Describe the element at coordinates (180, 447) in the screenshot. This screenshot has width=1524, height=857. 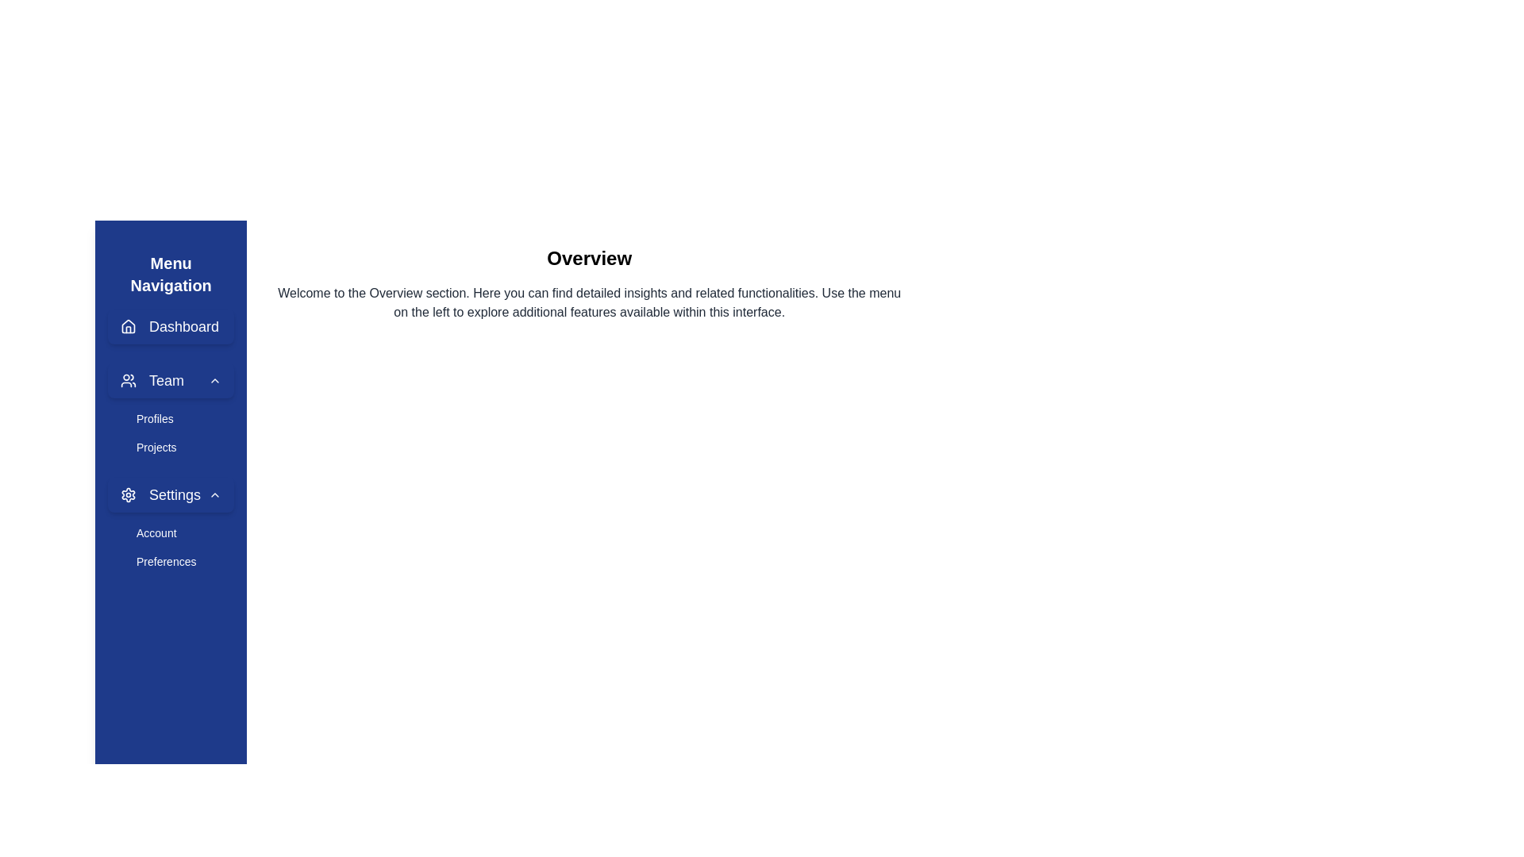
I see `the 'Projects' navigation link located in the vertical menu on the left side, directly below the 'Profiles' item` at that location.